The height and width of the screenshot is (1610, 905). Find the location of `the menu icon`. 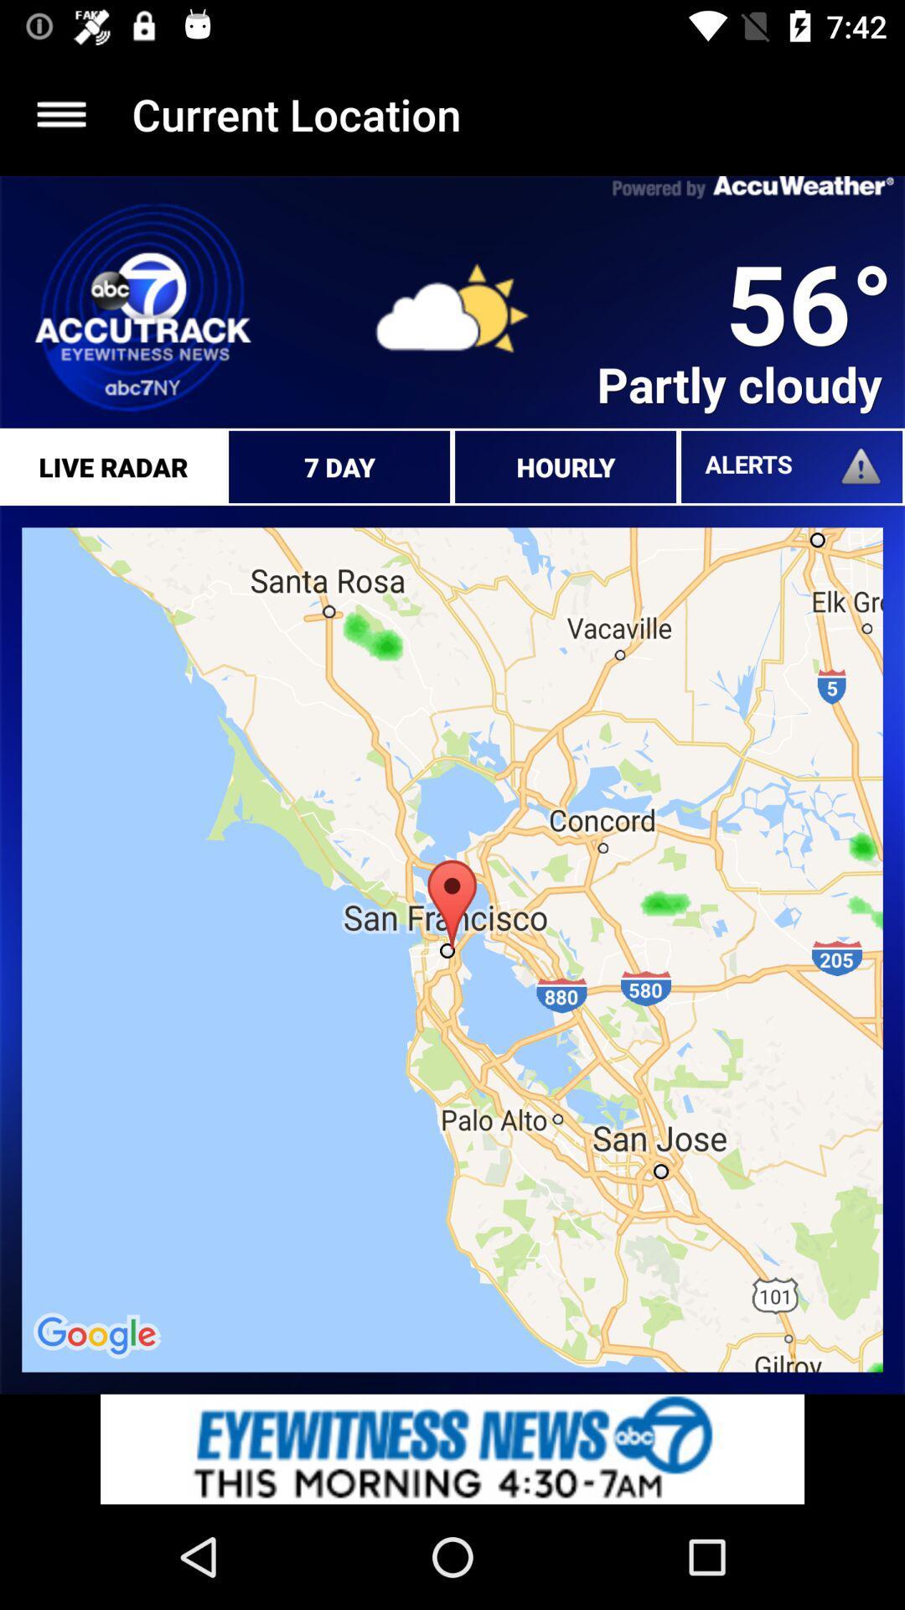

the menu icon is located at coordinates (60, 113).